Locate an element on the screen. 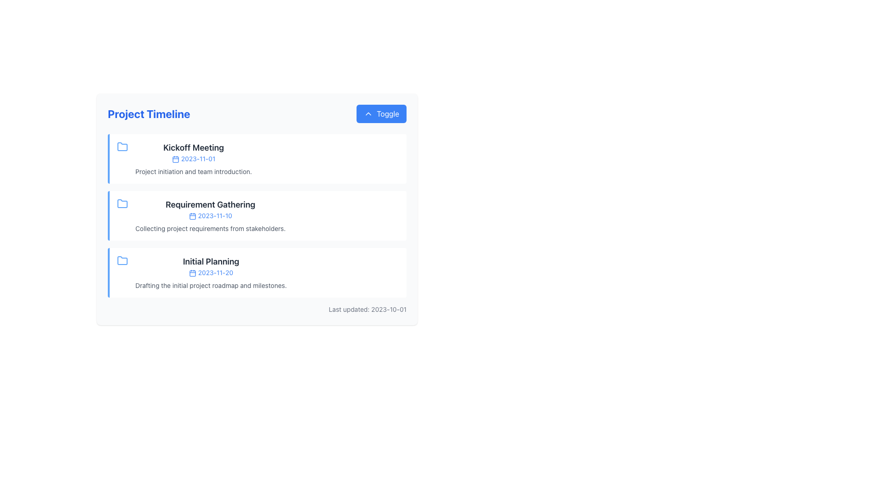 This screenshot has width=881, height=496. the calendar icon located to the left of the text '2023-11-10' in the 'Requirement Gathering' row of the timeline interface is located at coordinates (192, 216).